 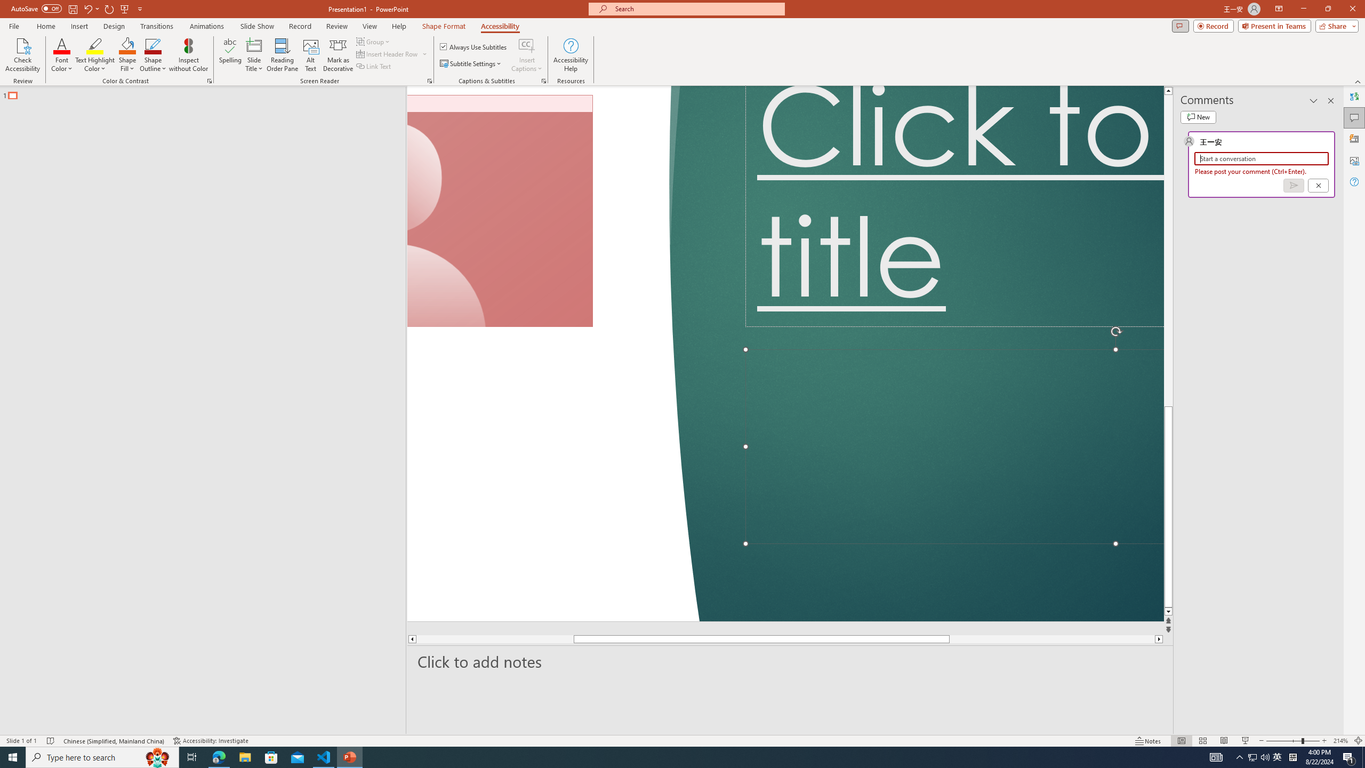 I want to click on 'Share', so click(x=1327, y=45).